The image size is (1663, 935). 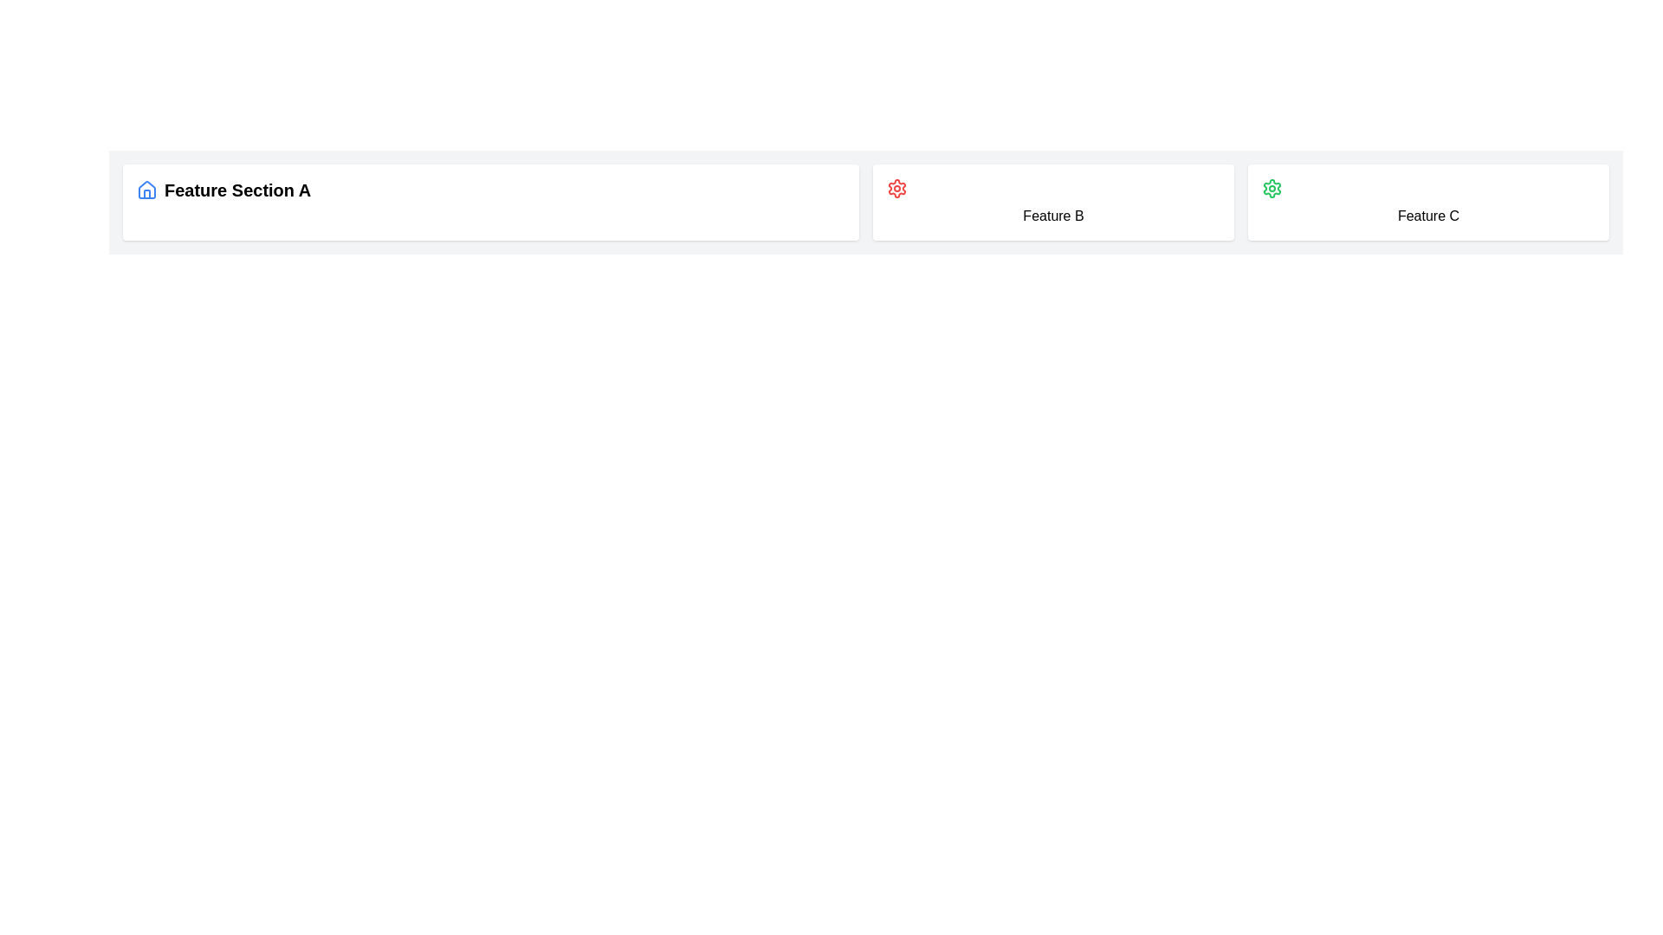 I want to click on the gear-like red icon located in the upper-left corner of the card labeled 'Feature B', so click(x=897, y=189).